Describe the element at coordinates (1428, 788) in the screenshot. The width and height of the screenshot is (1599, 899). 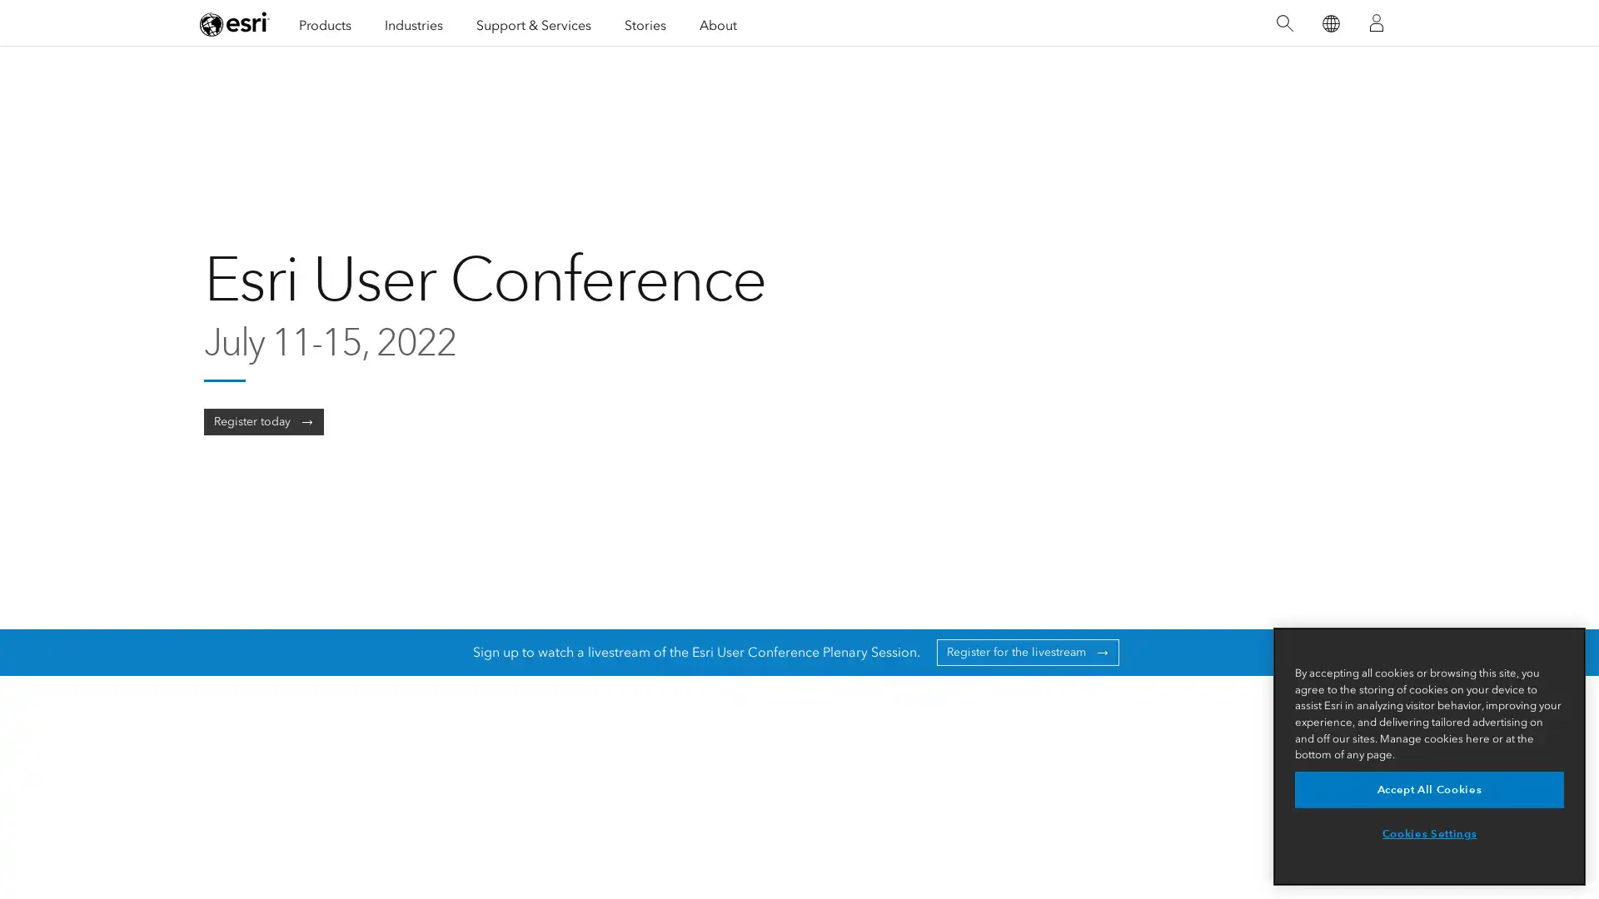
I see `Accept All Cookies` at that location.